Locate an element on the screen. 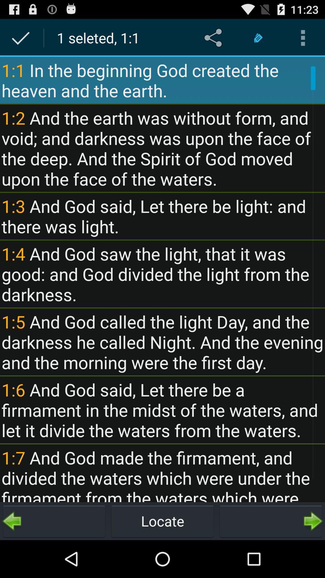 This screenshot has height=578, width=325. the icon next to locate button is located at coordinates (270, 521).